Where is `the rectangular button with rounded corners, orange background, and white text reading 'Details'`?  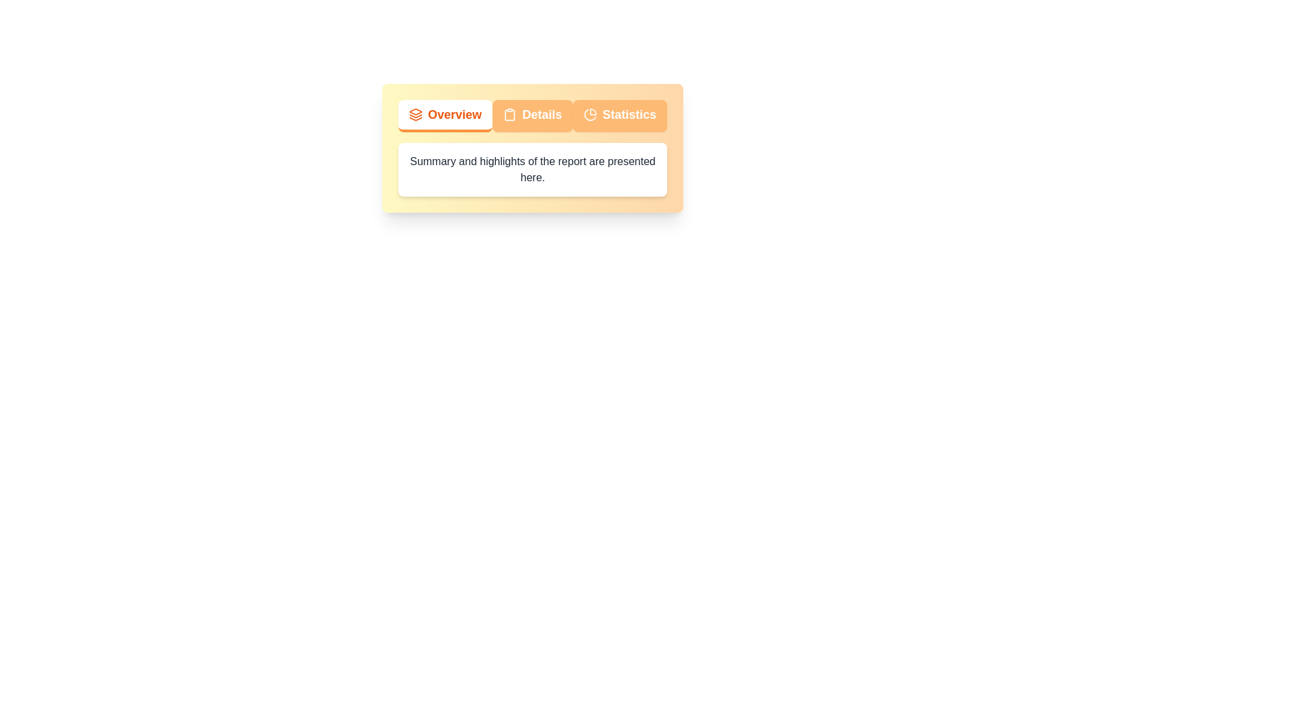 the rectangular button with rounded corners, orange background, and white text reading 'Details' is located at coordinates (531, 115).